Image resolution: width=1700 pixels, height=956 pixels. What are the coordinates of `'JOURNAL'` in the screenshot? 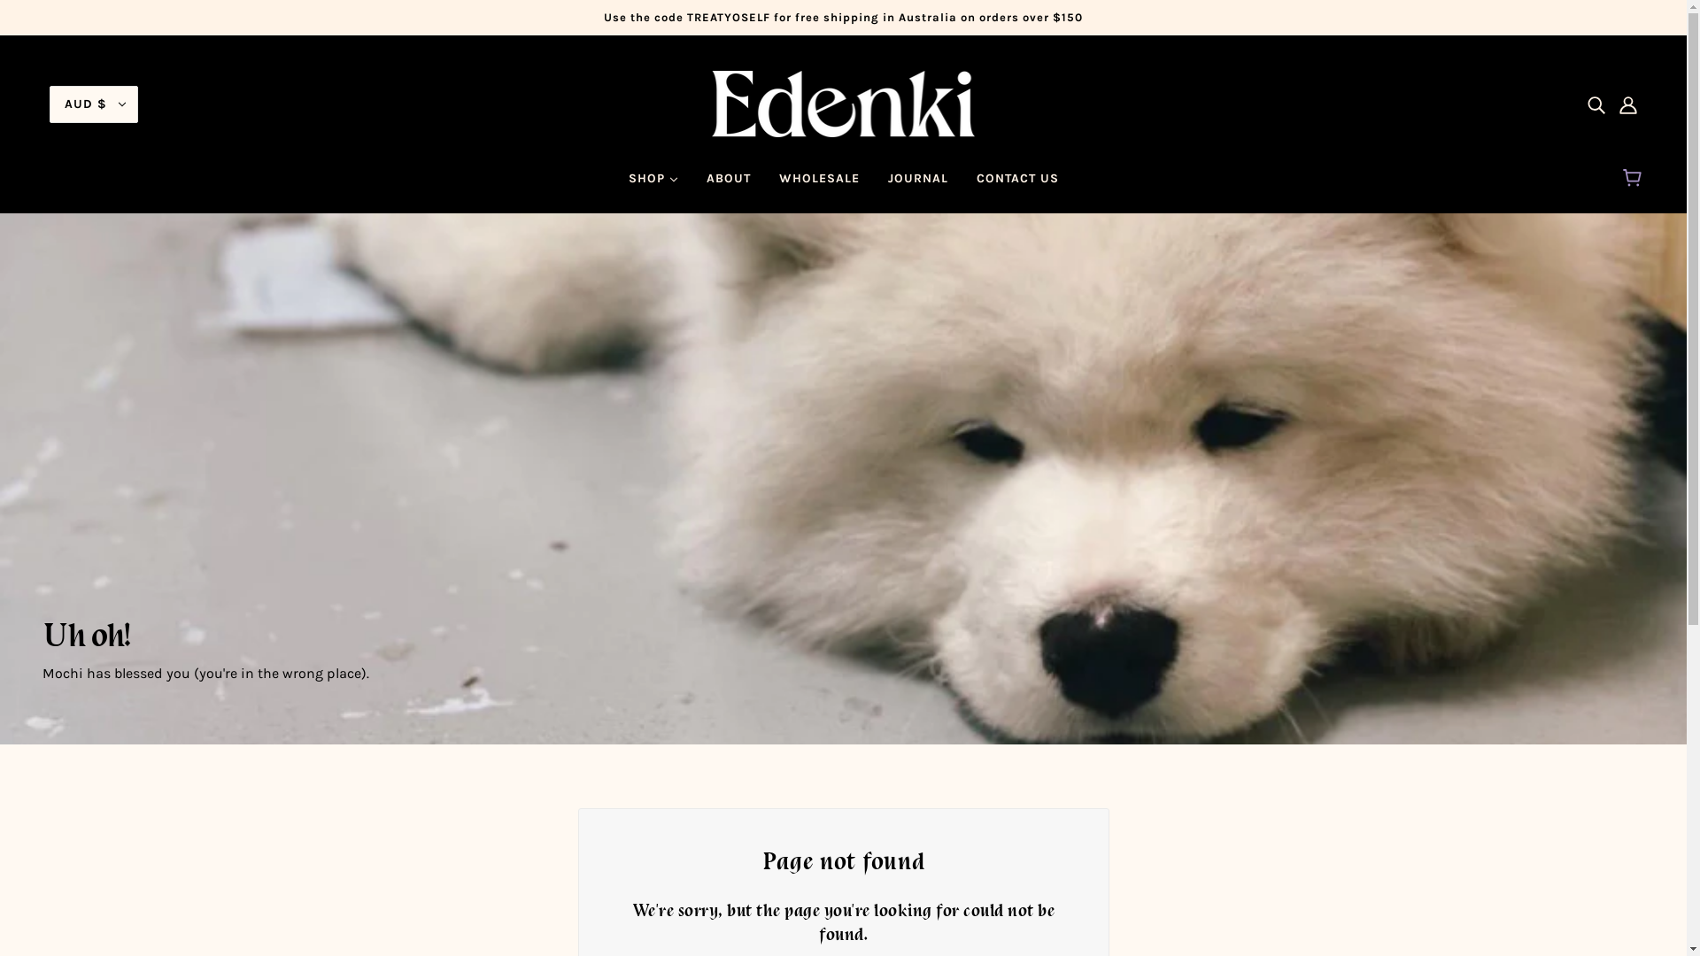 It's located at (872, 185).